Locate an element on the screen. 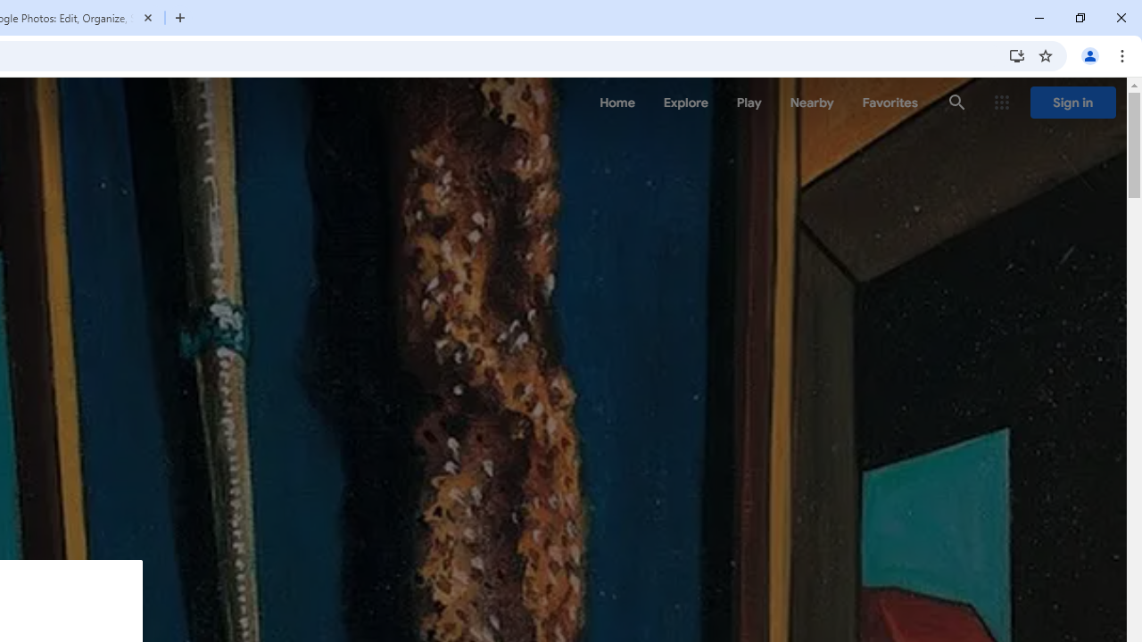 The image size is (1142, 642). 'Nearby' is located at coordinates (811, 103).